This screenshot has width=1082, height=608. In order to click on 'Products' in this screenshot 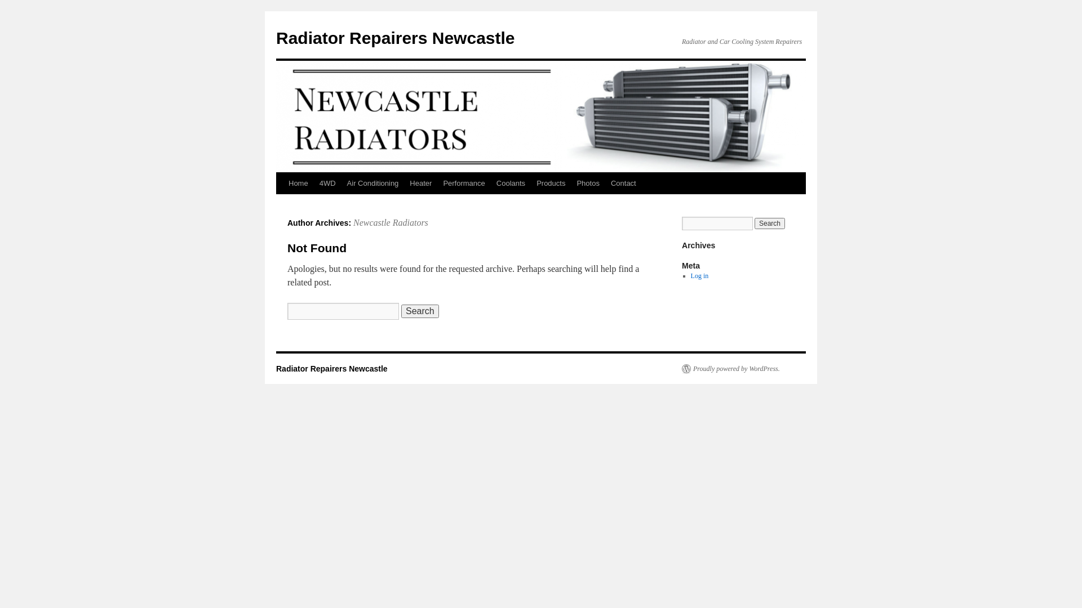, I will do `click(551, 183)`.